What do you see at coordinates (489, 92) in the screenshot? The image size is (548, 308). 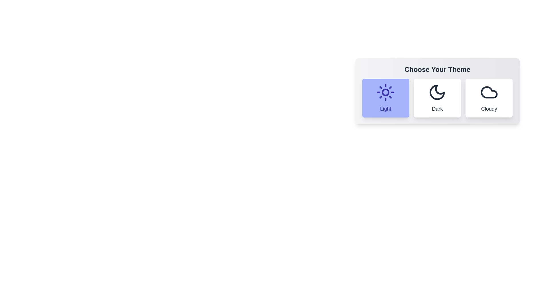 I see `the cloud-like SVG icon in the theme selection panel` at bounding box center [489, 92].